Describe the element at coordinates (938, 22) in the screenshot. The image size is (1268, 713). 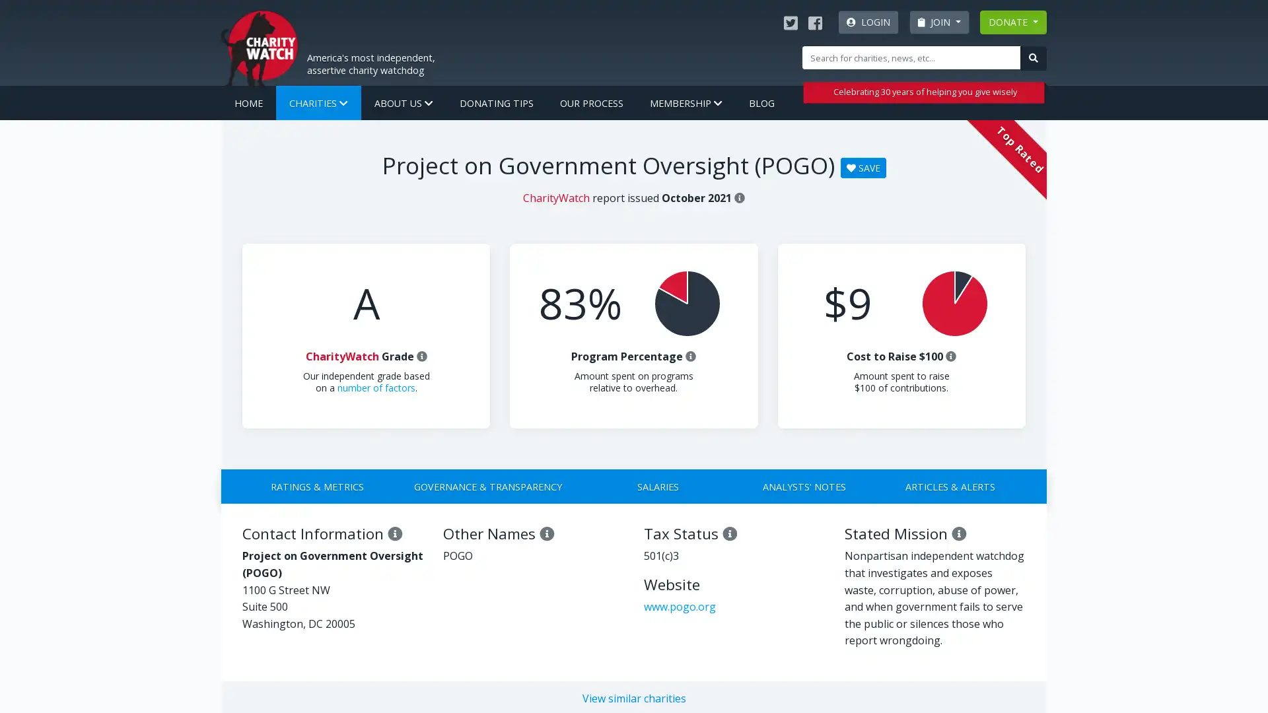
I see `JOIN` at that location.